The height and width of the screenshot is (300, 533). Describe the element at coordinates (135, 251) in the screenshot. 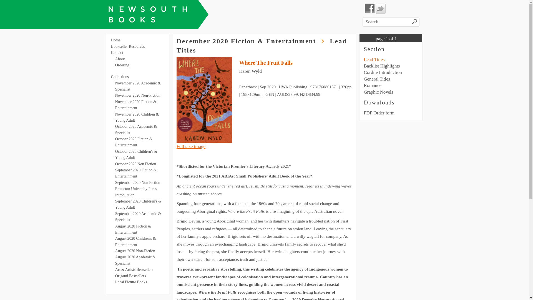

I see `'August 2020 Non-Fiction'` at that location.